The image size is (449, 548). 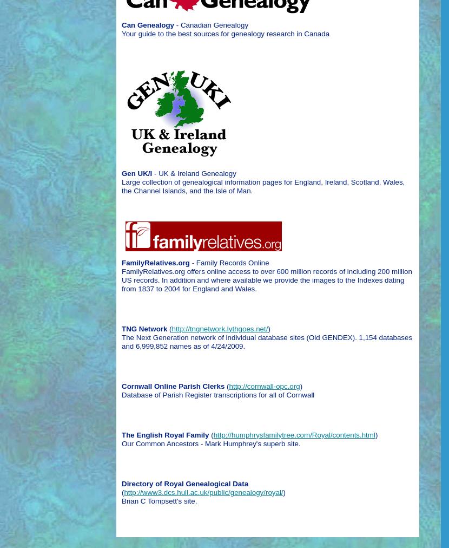 What do you see at coordinates (144, 328) in the screenshot?
I see `'TNG Network'` at bounding box center [144, 328].